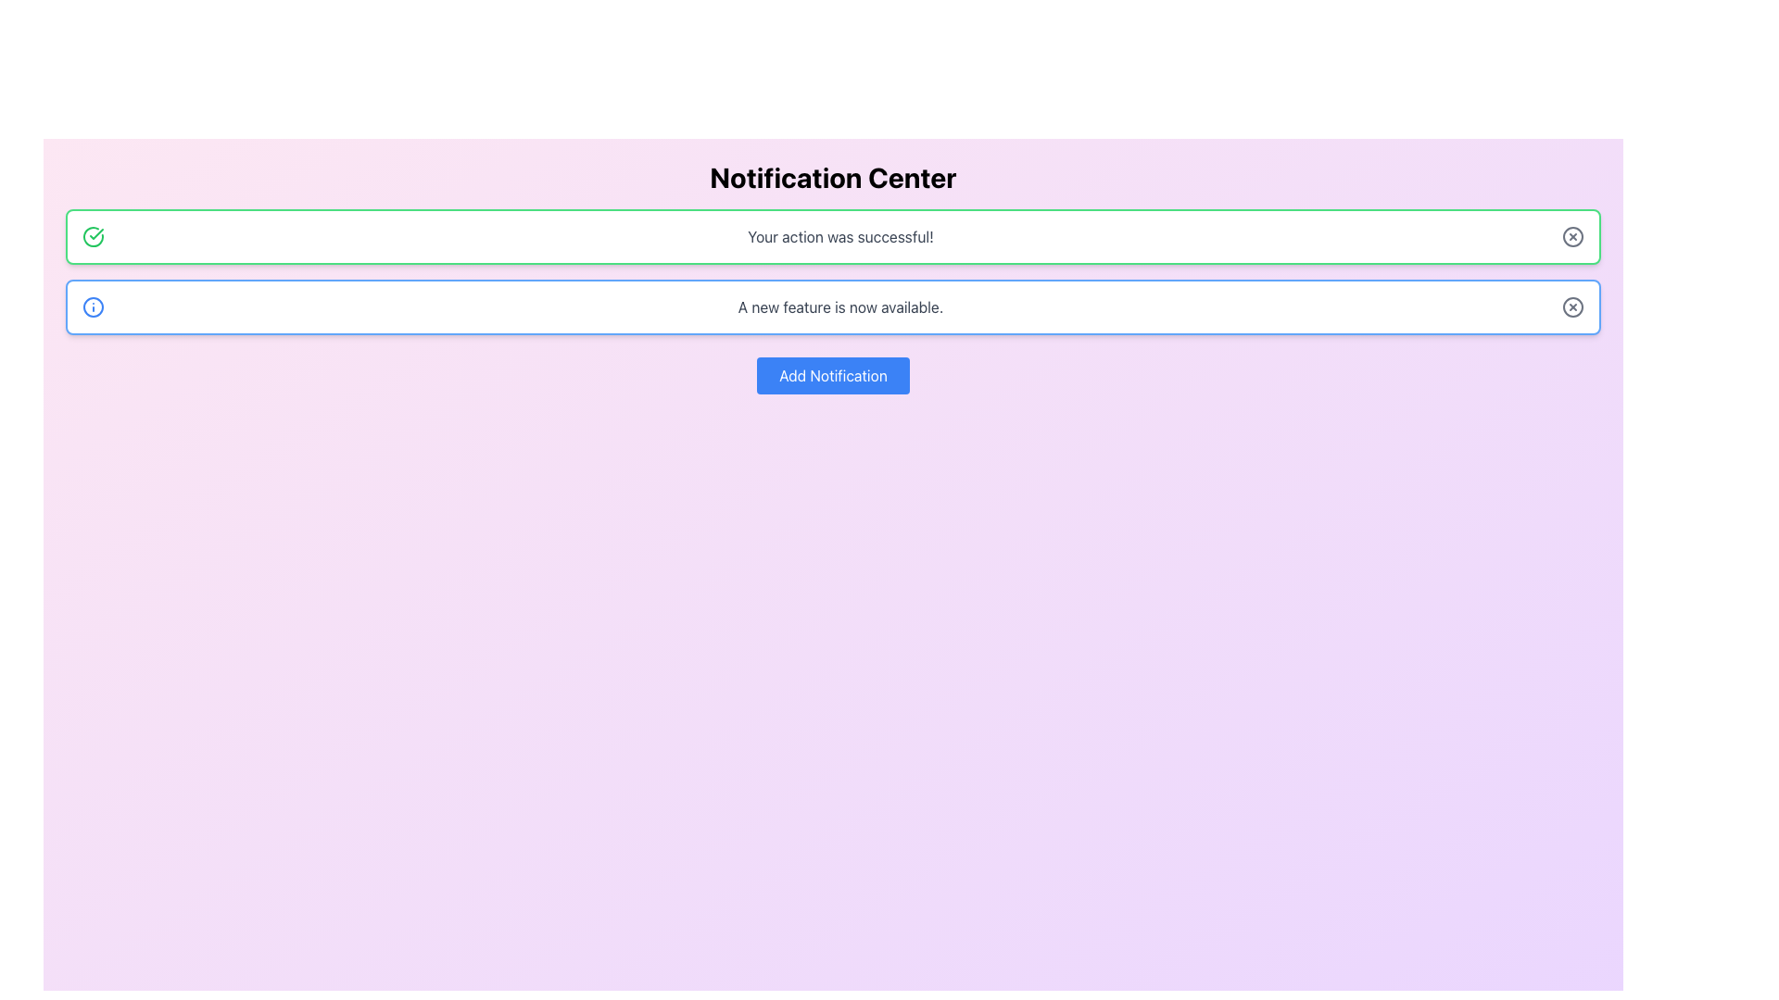 Image resolution: width=1779 pixels, height=1000 pixels. I want to click on message displayed in the Notification Box that informs users about the new feature availability, so click(832, 306).